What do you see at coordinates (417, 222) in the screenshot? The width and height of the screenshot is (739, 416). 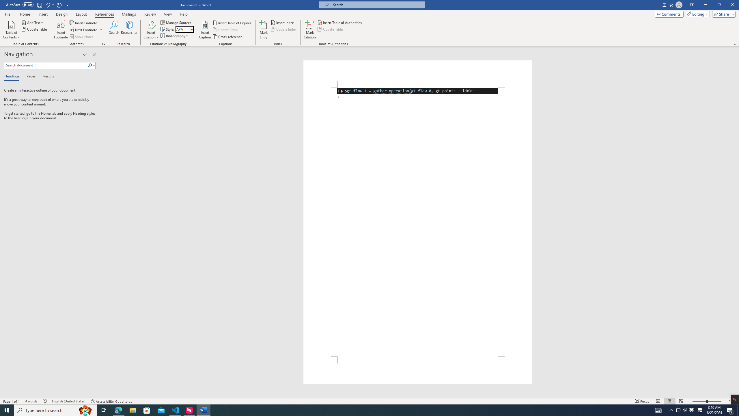 I see `'Page 1 content'` at bounding box center [417, 222].